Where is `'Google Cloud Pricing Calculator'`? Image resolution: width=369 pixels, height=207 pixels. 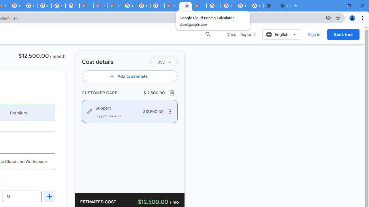
'Google Cloud Pricing Calculator' is located at coordinates (185, 6).